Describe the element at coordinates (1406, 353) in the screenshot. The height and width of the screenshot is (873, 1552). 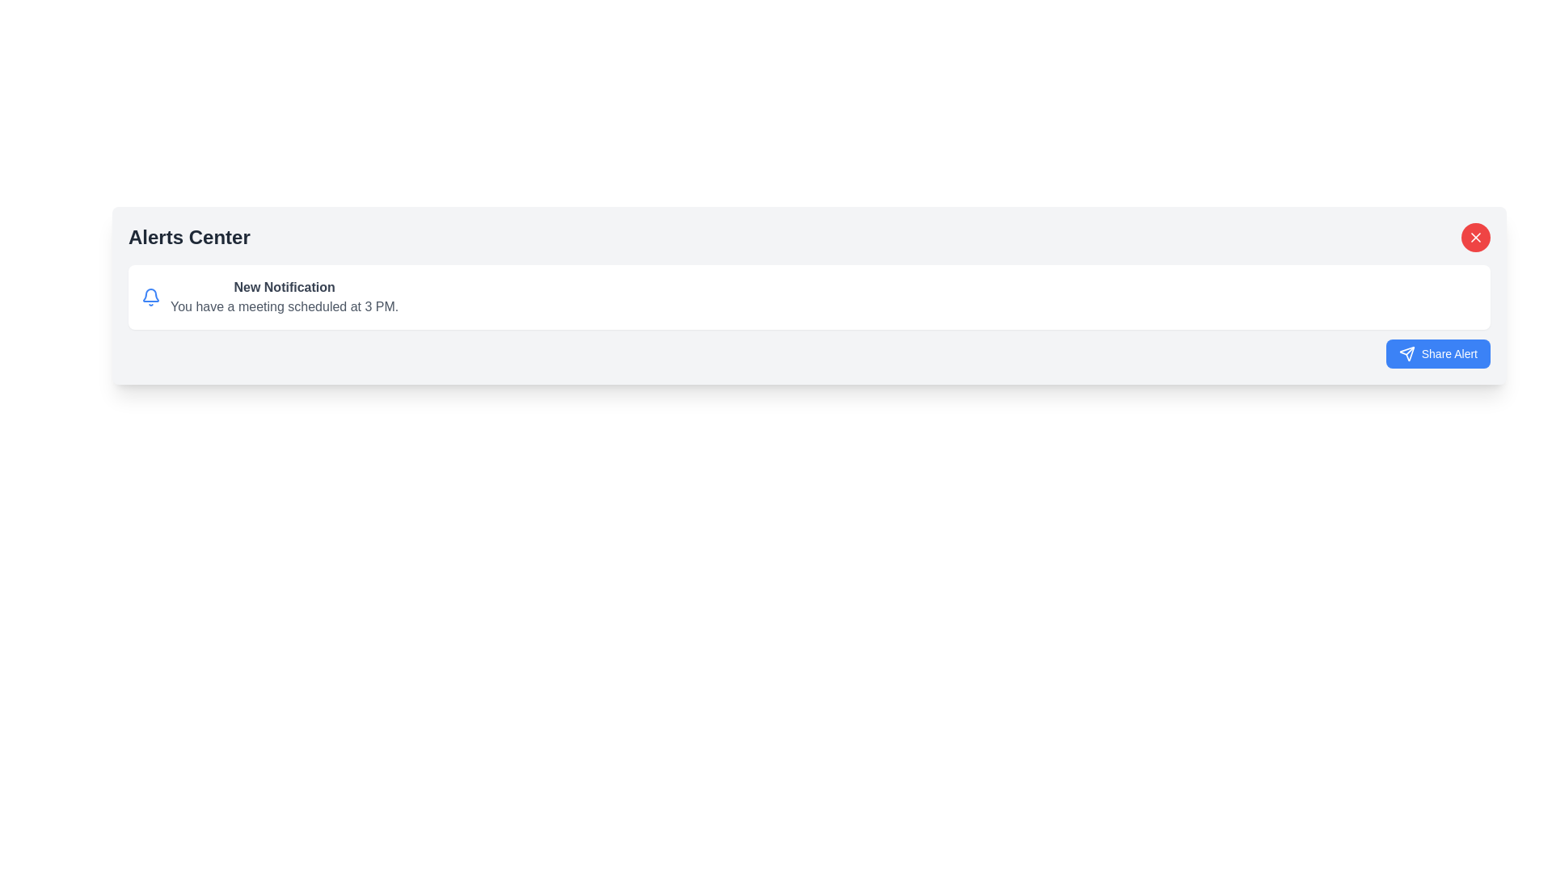
I see `the SVG icon located within the blue rounded rectangle button labeled 'Share Alert' at the bottom right corner of the alert card for additional options` at that location.